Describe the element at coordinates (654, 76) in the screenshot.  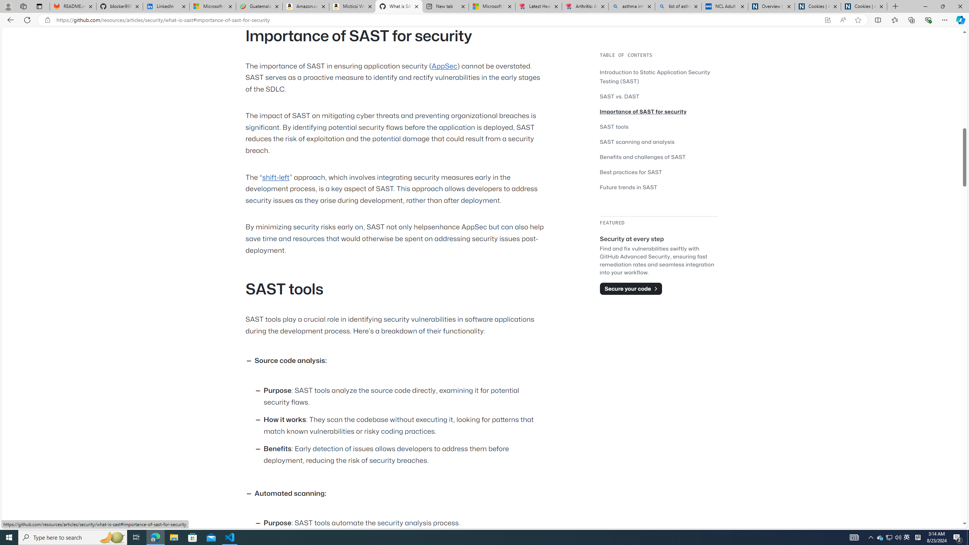
I see `'Introduction to Static Application Security Testing (SAST)'` at that location.